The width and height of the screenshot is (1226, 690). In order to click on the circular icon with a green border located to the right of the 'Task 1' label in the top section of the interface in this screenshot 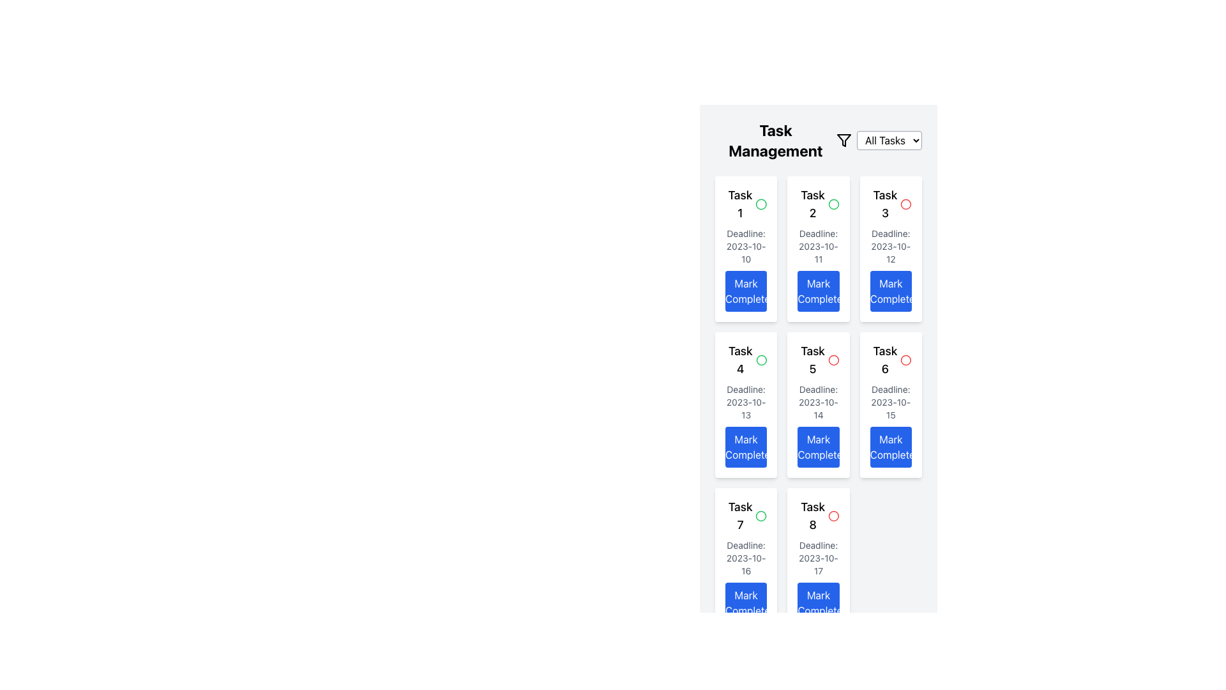, I will do `click(761, 204)`.